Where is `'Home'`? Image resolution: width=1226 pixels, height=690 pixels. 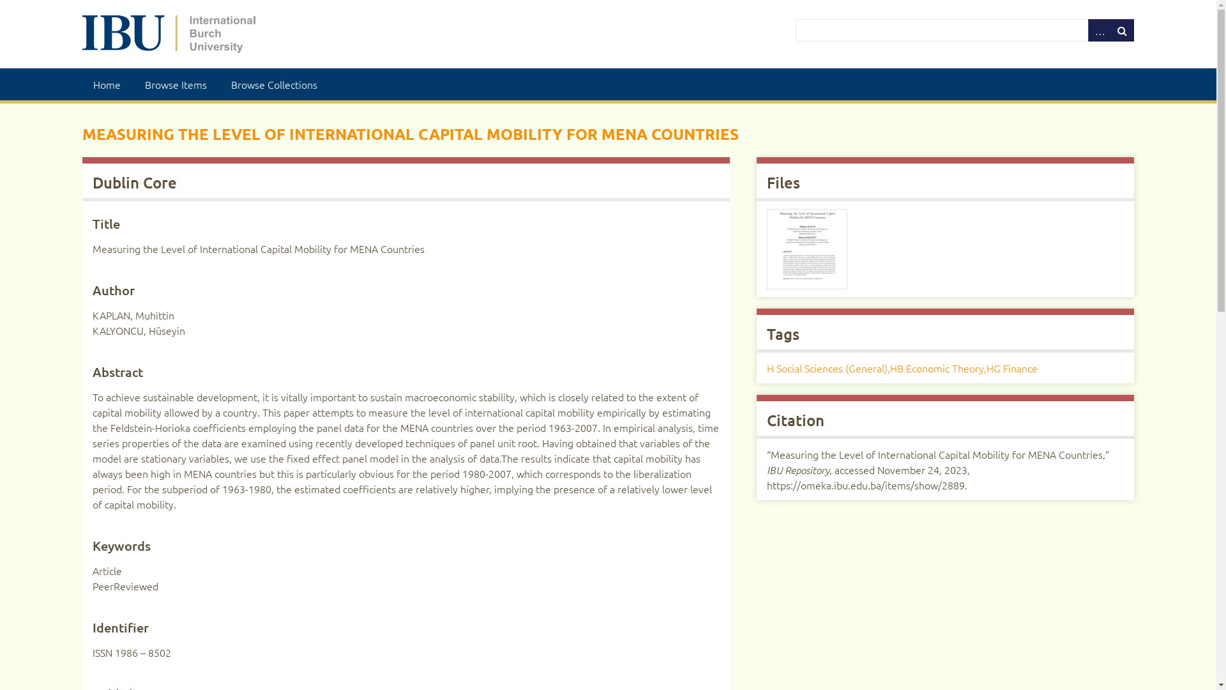
'Home' is located at coordinates (107, 84).